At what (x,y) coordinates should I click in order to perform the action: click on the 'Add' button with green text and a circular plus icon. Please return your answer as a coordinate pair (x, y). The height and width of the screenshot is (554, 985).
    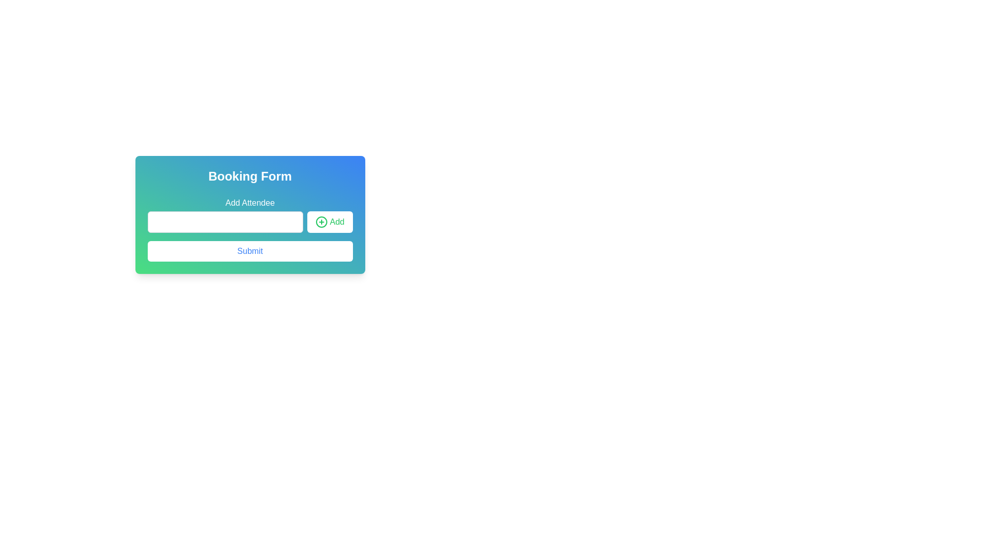
    Looking at the image, I should click on (330, 221).